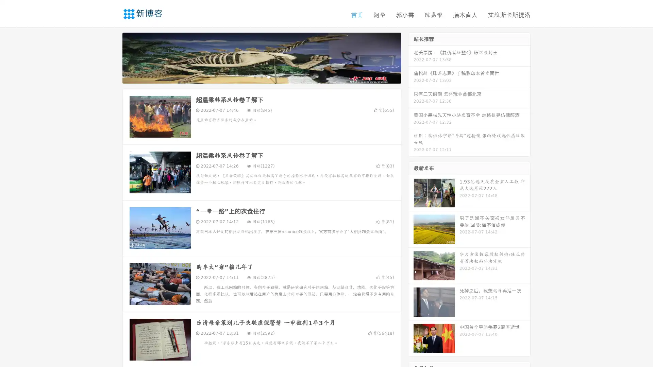  Describe the element at coordinates (411, 57) in the screenshot. I see `Next slide` at that location.